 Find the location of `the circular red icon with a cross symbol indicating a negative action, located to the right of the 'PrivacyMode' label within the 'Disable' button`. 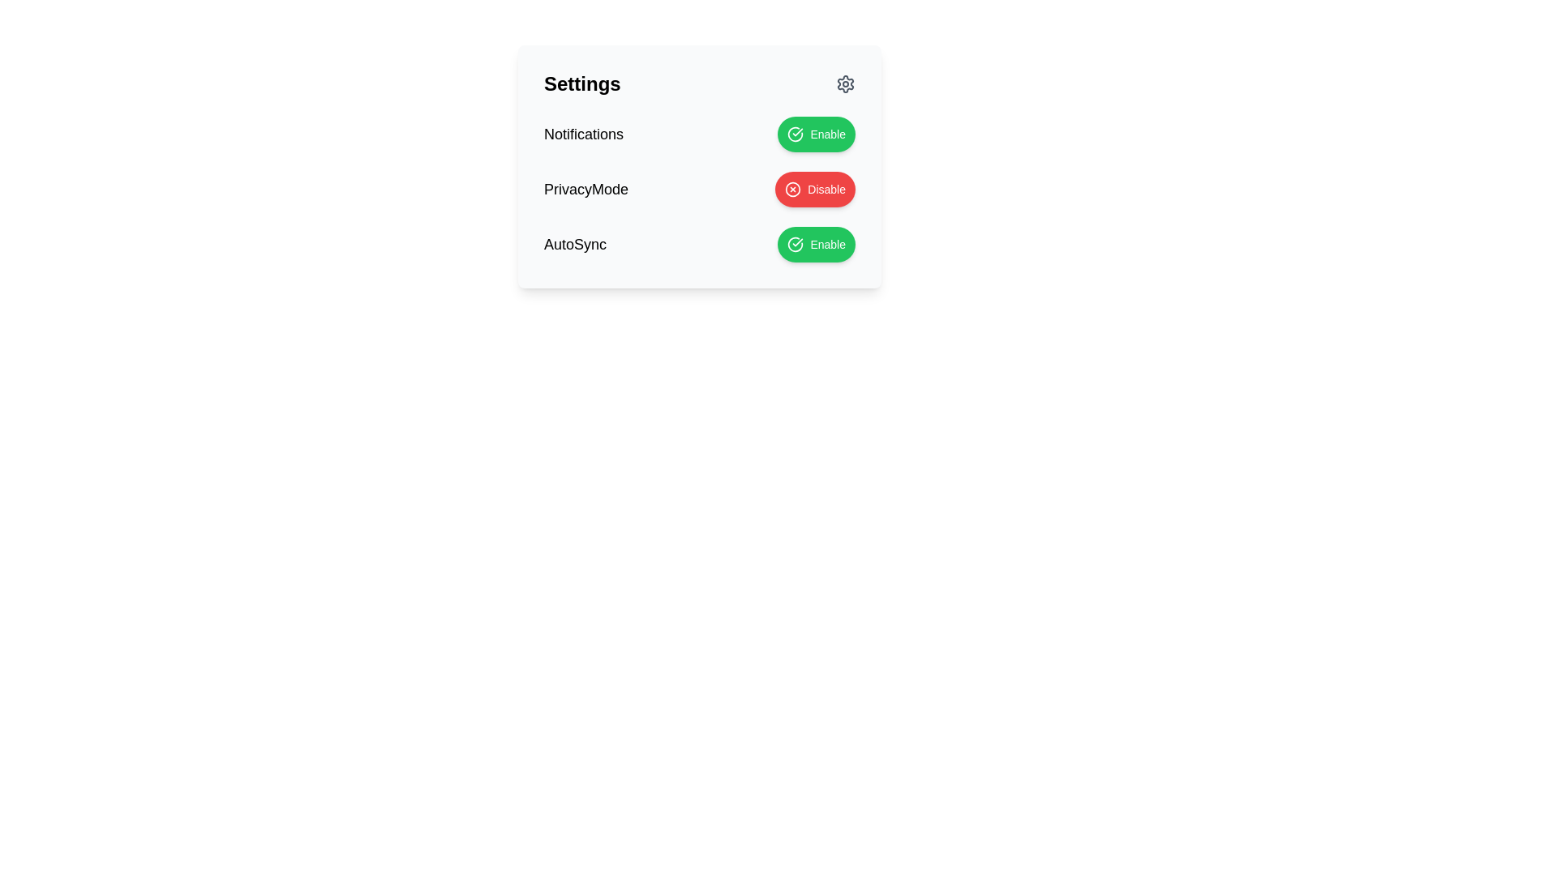

the circular red icon with a cross symbol indicating a negative action, located to the right of the 'PrivacyMode' label within the 'Disable' button is located at coordinates (793, 189).